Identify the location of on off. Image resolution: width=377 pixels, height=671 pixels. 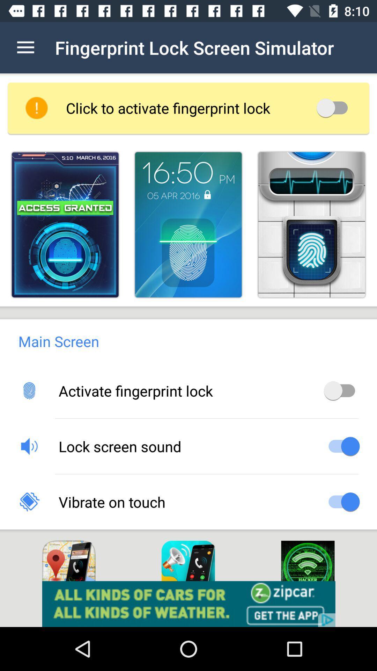
(341, 390).